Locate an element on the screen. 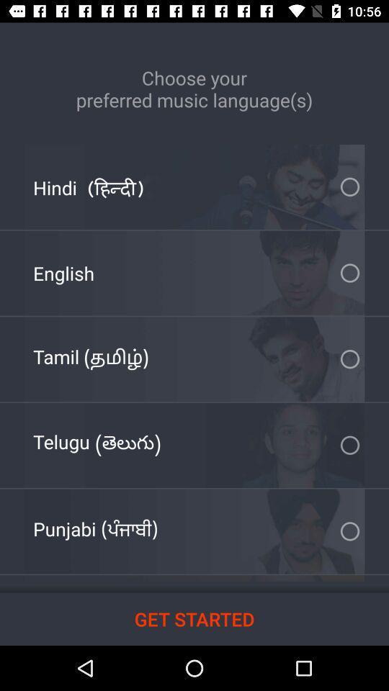  get started is located at coordinates (194, 618).